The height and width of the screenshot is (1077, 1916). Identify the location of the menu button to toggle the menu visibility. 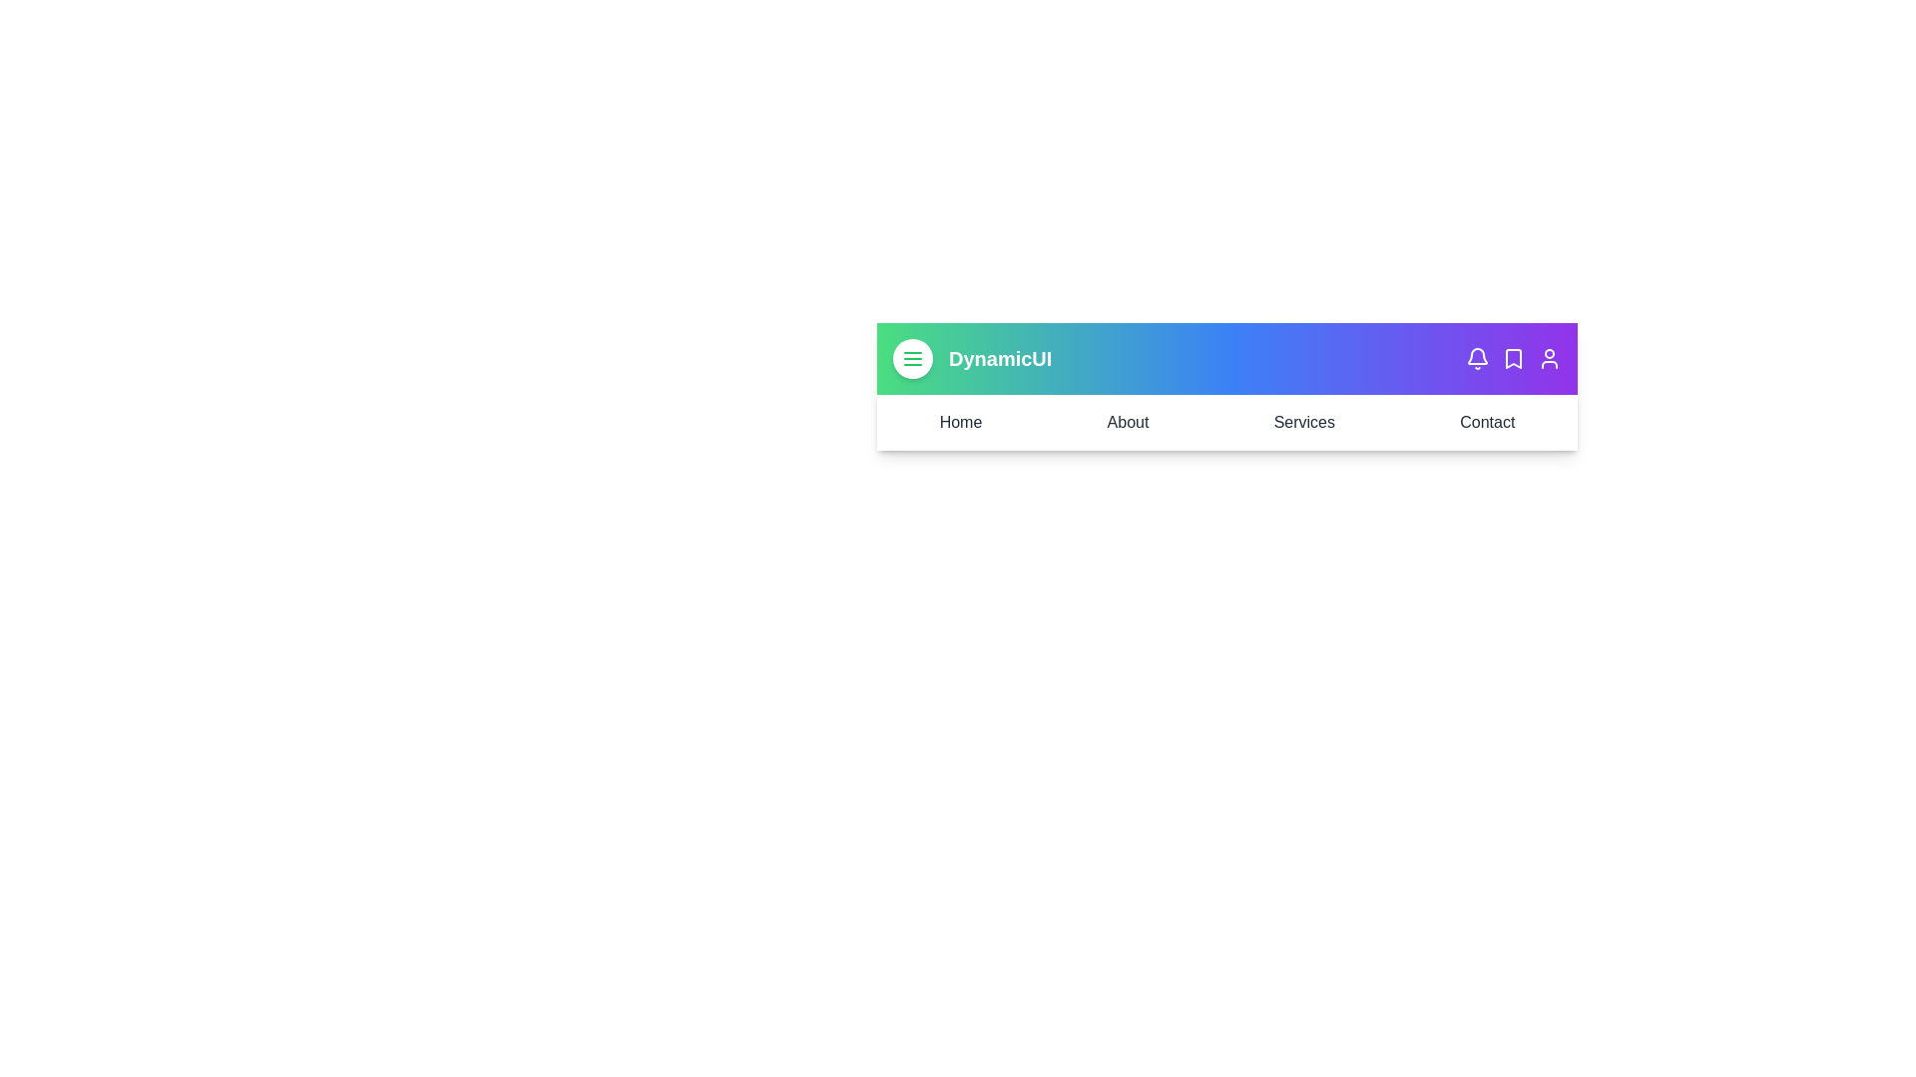
(912, 357).